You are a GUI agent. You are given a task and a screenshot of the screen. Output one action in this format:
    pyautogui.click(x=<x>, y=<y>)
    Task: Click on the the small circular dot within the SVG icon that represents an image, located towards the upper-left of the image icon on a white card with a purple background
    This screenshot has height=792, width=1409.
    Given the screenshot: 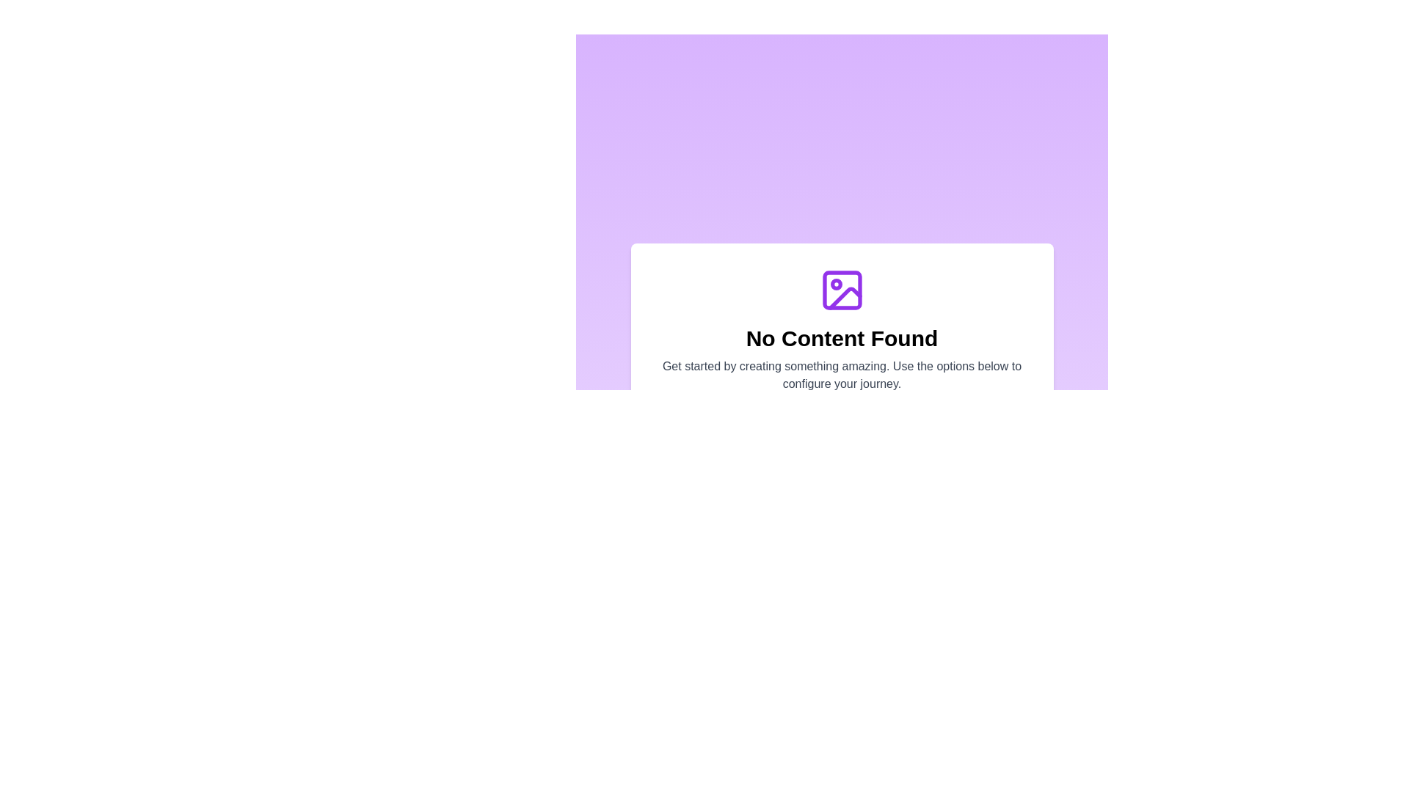 What is the action you would take?
    pyautogui.click(x=836, y=285)
    